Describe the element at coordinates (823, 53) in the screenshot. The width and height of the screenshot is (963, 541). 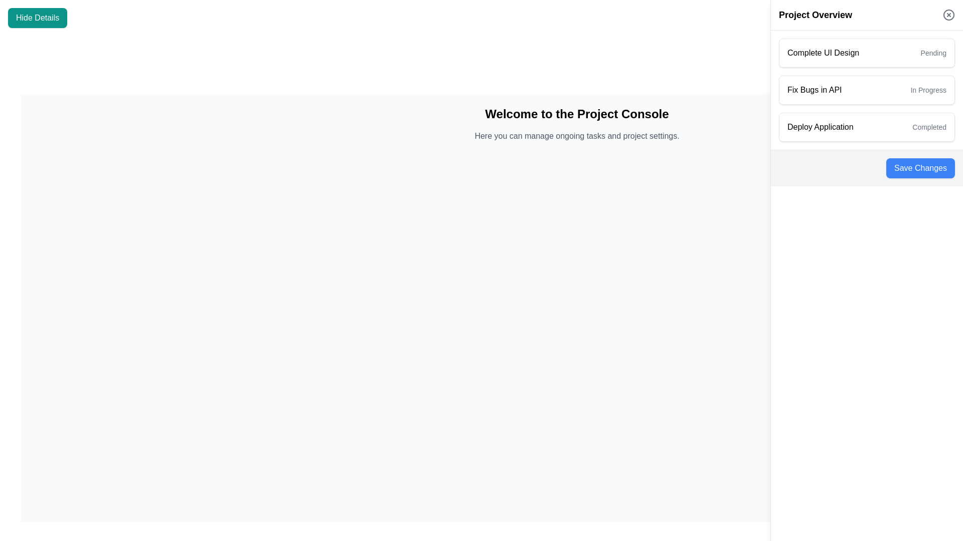
I see `the 'Complete UI Design' label element, which is located at the top right of the interface within the 'Project Overview' section, styled with a border and shadow effects` at that location.